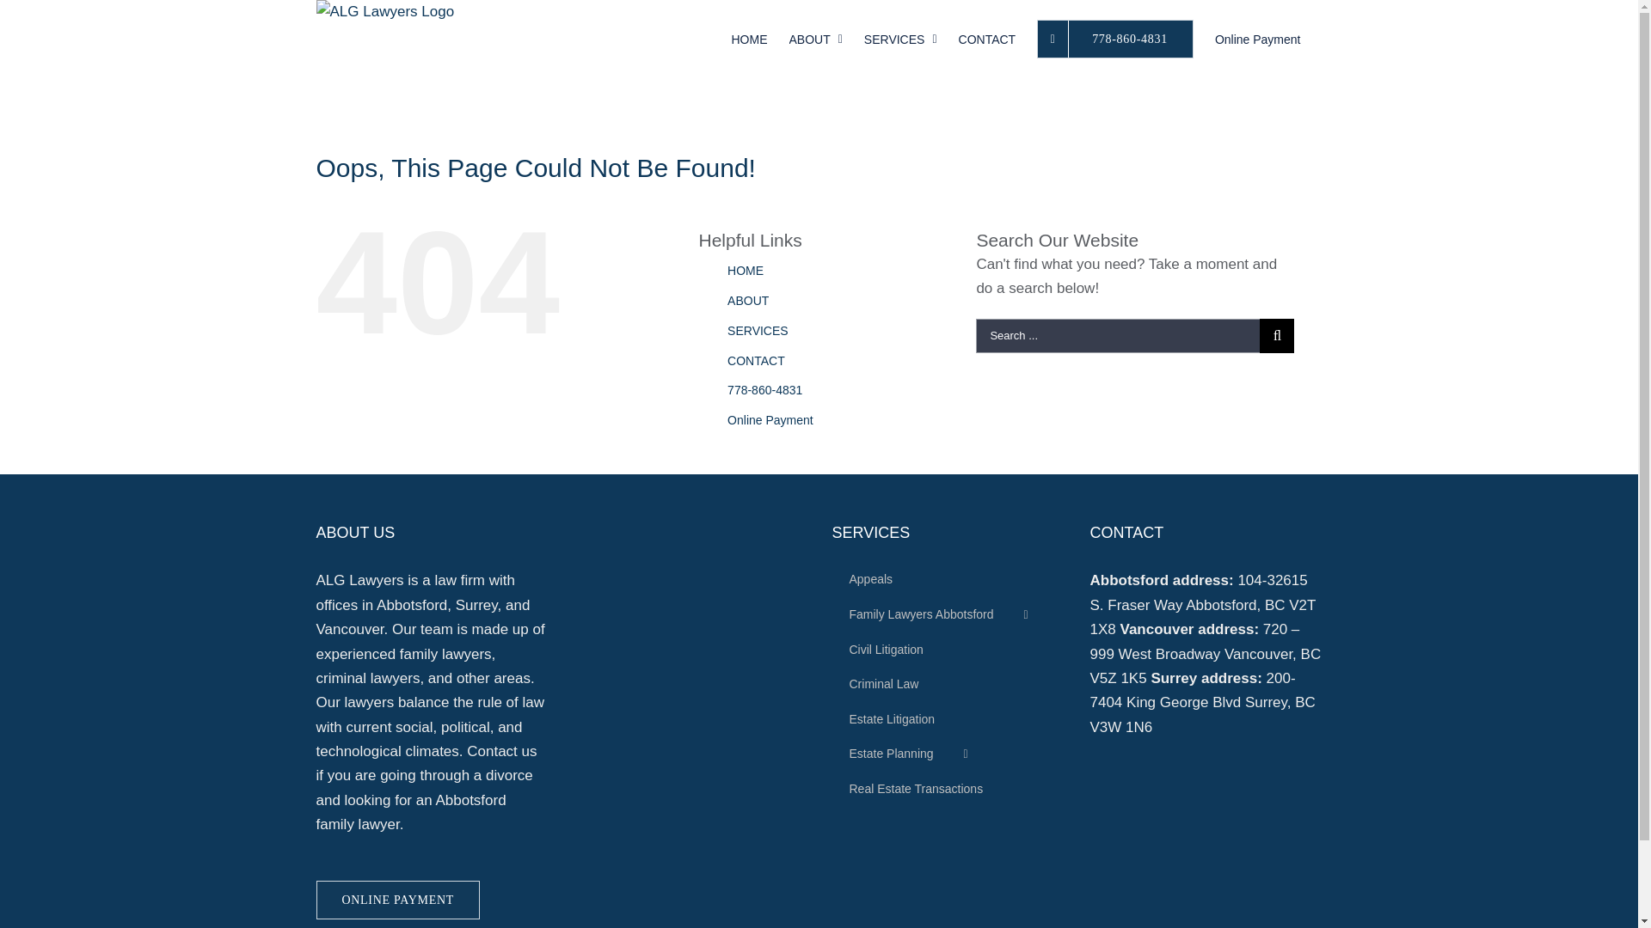 Image resolution: width=1651 pixels, height=928 pixels. Describe the element at coordinates (832, 719) in the screenshot. I see `'Estate Litigation'` at that location.